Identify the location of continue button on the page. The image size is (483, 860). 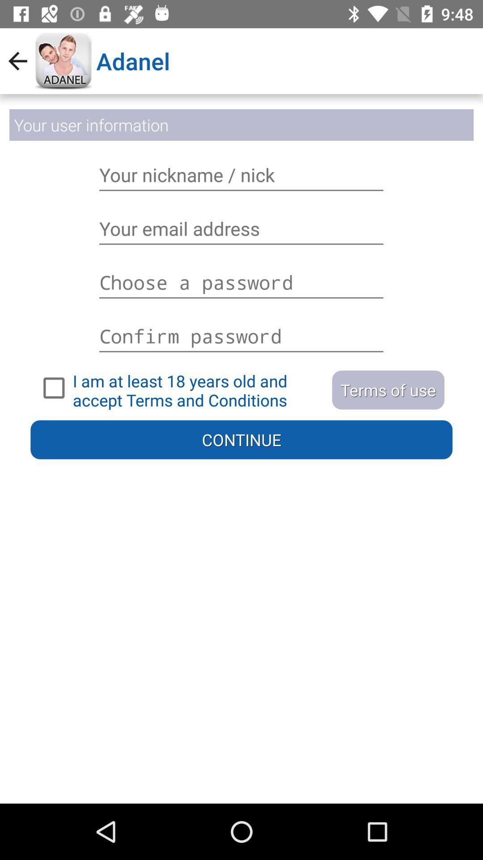
(241, 440).